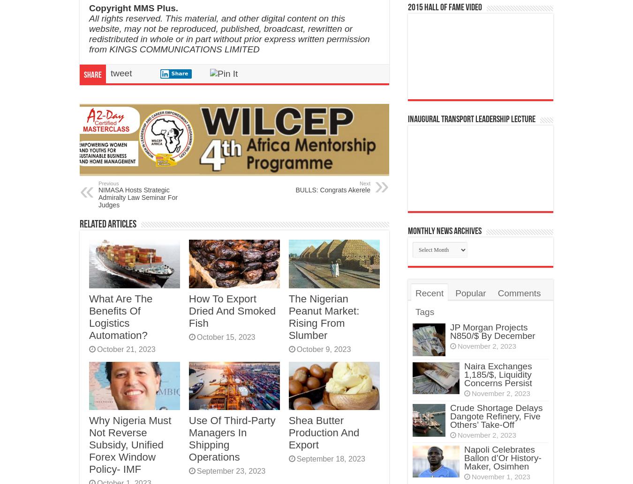  Describe the element at coordinates (107, 224) in the screenshot. I see `'Related Articles'` at that location.